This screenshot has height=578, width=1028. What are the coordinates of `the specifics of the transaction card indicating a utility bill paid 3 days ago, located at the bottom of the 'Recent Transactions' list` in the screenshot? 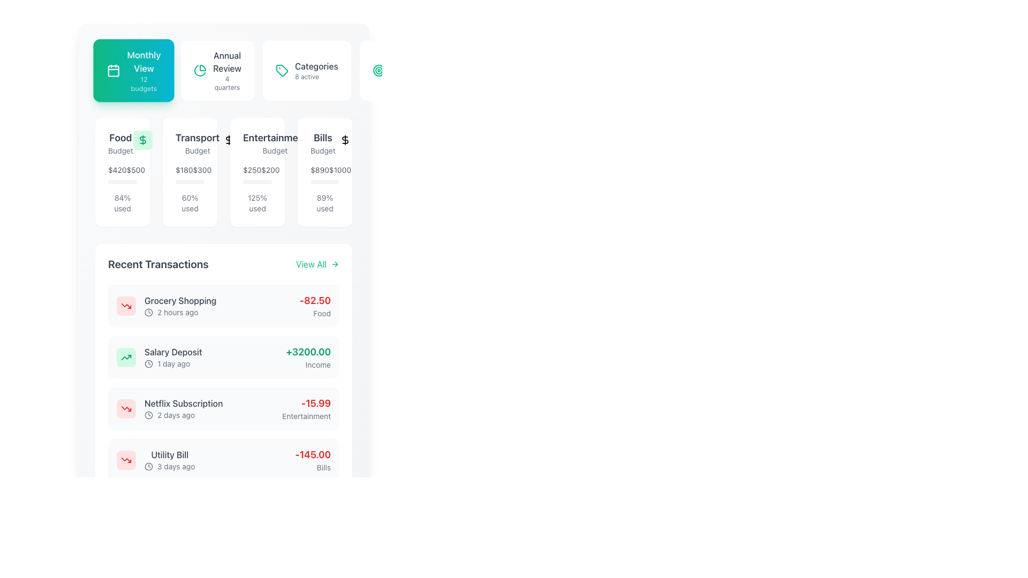 It's located at (223, 460).